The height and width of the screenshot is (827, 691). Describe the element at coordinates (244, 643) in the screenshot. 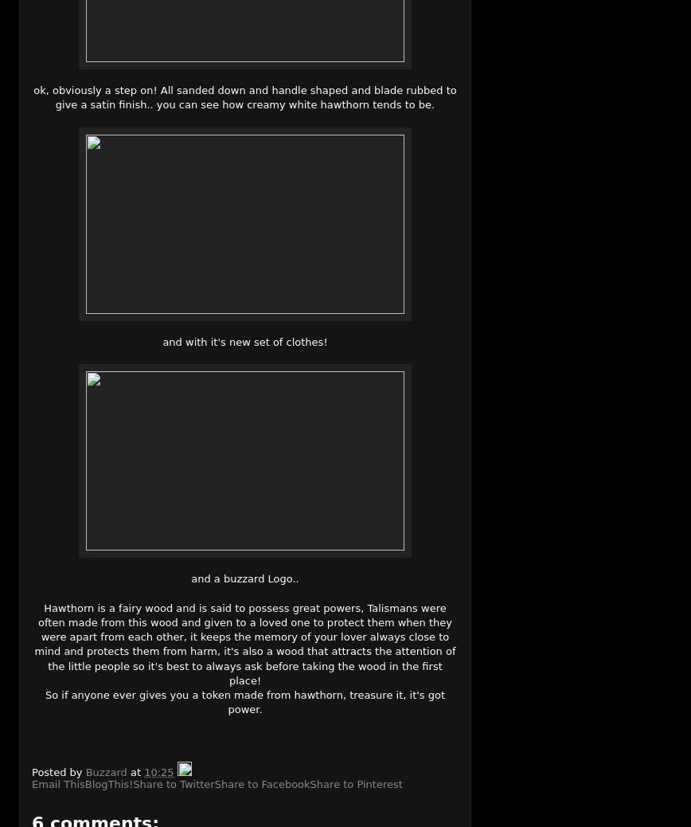

I see `'Hawthorn is a fairy wood and is said to possess great powers, Talismans were often made from this wood and given to a loved one to protect them when they were apart from each other, it keeps the memory of your lover always close to mind and protects them from harm, it's also a wood that attracts the attention of the little people so it's best to always ask before taking the wood in the first place!'` at that location.